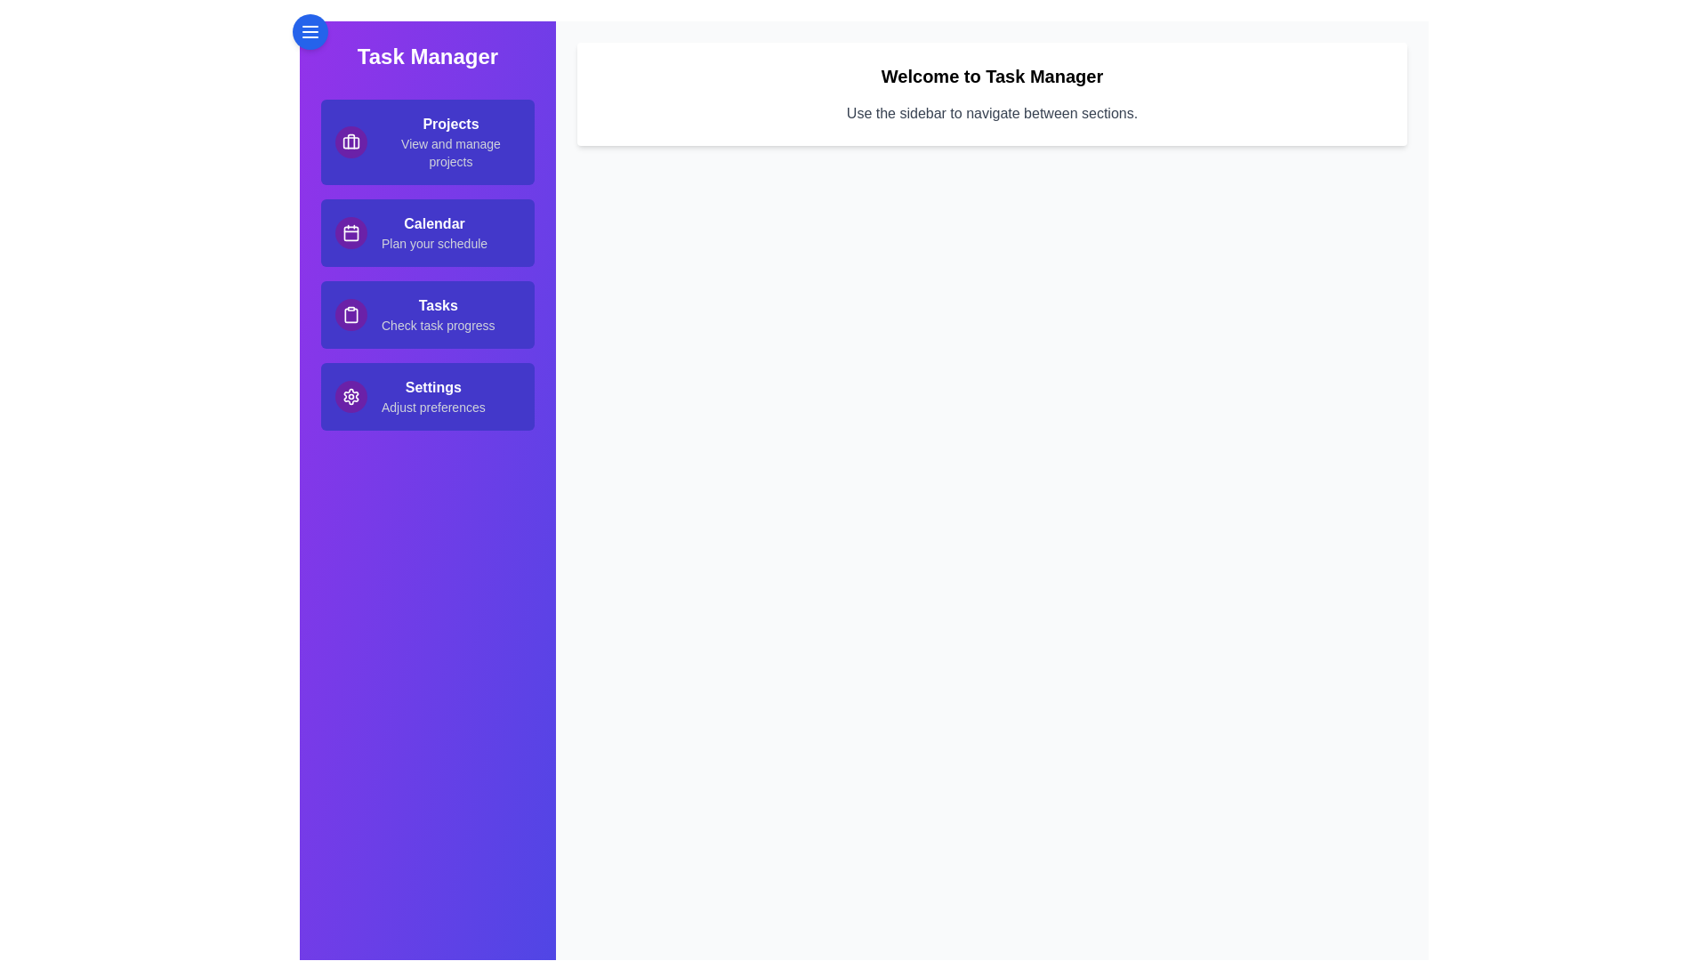 The image size is (1708, 961). I want to click on the sidebar link corresponding to Calendar to navigate to that section, so click(427, 232).